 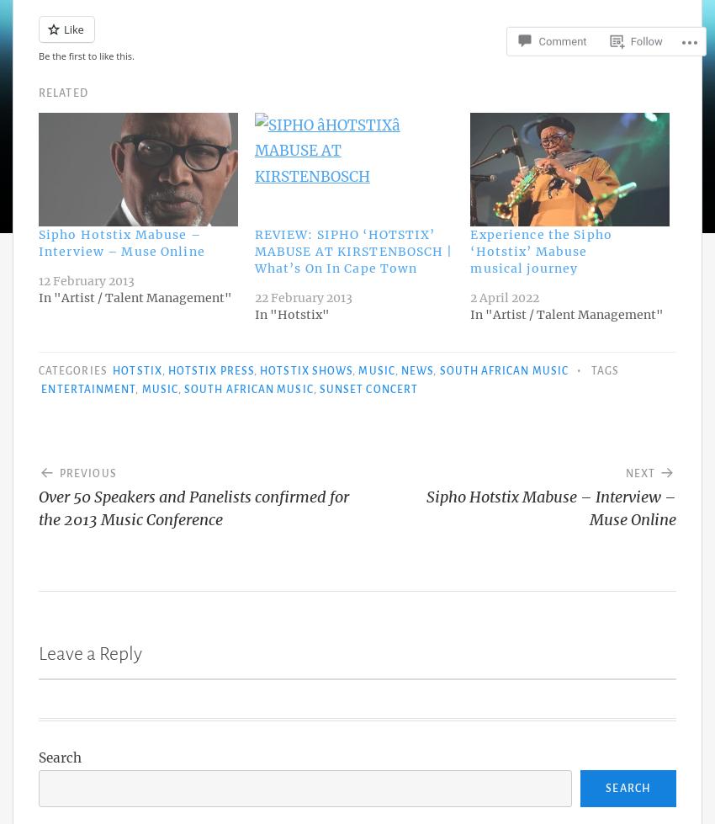 What do you see at coordinates (644, 12) in the screenshot?
I see `'Follow'` at bounding box center [644, 12].